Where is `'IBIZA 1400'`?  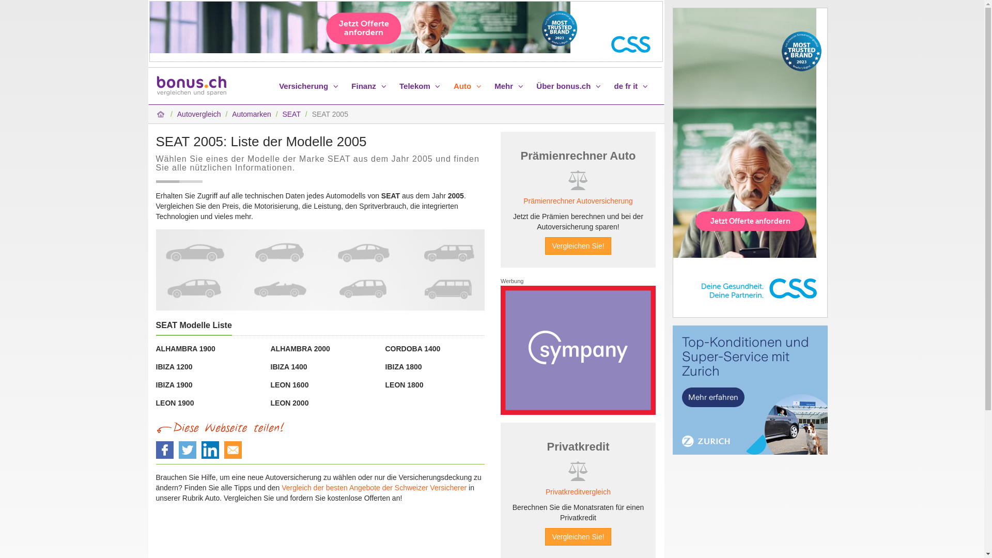 'IBIZA 1400' is located at coordinates (289, 366).